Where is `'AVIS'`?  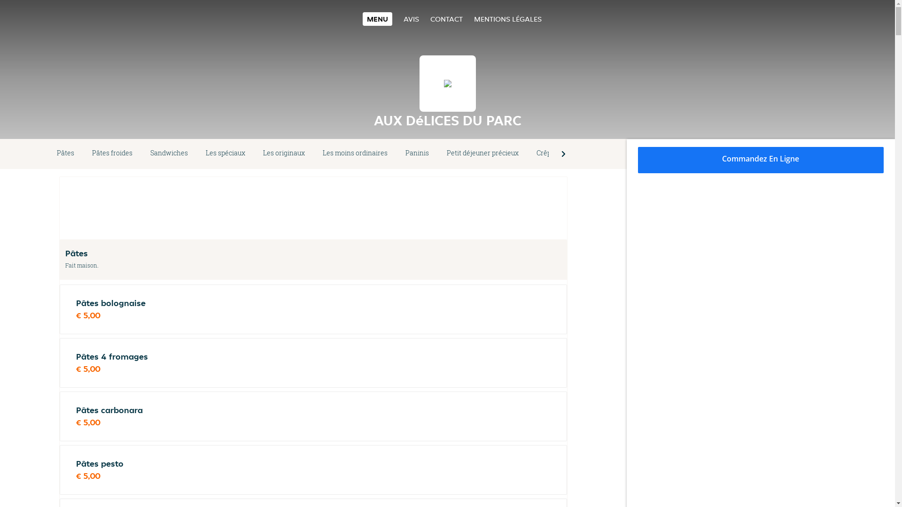 'AVIS' is located at coordinates (411, 19).